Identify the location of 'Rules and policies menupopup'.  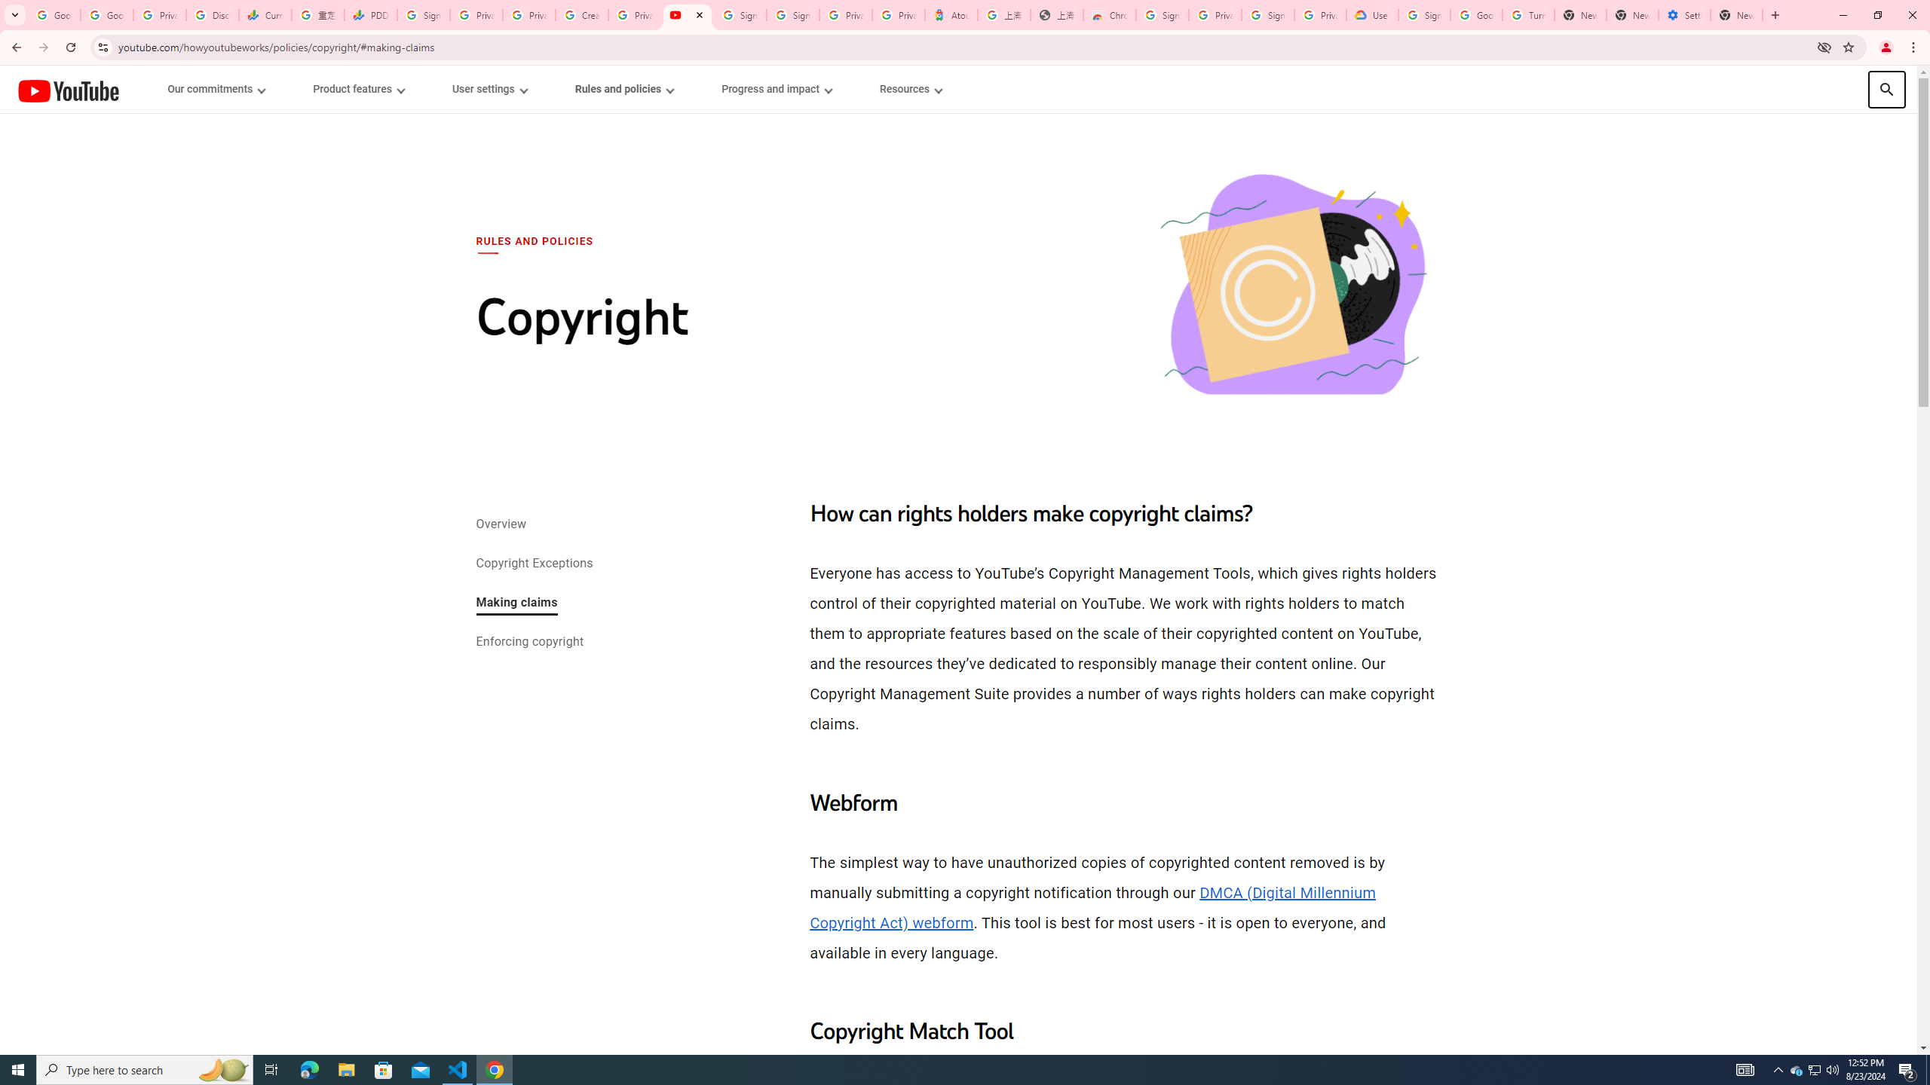
(623, 89).